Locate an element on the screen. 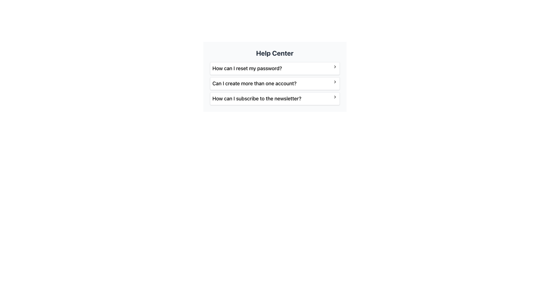 This screenshot has height=302, width=537. the 'Help Center' text heading element, which is prominently displayed in bold and large font above a list of questions is located at coordinates (275, 53).